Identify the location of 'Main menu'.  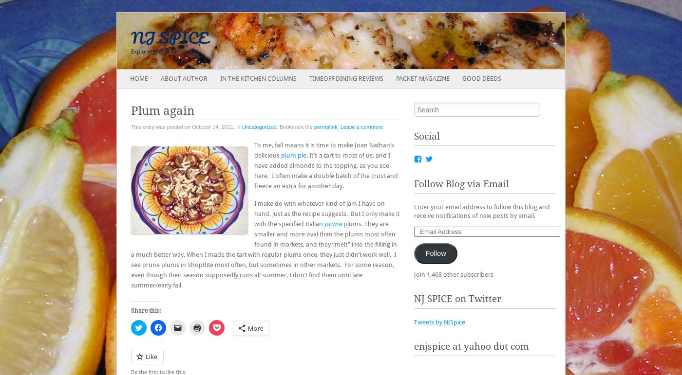
(143, 74).